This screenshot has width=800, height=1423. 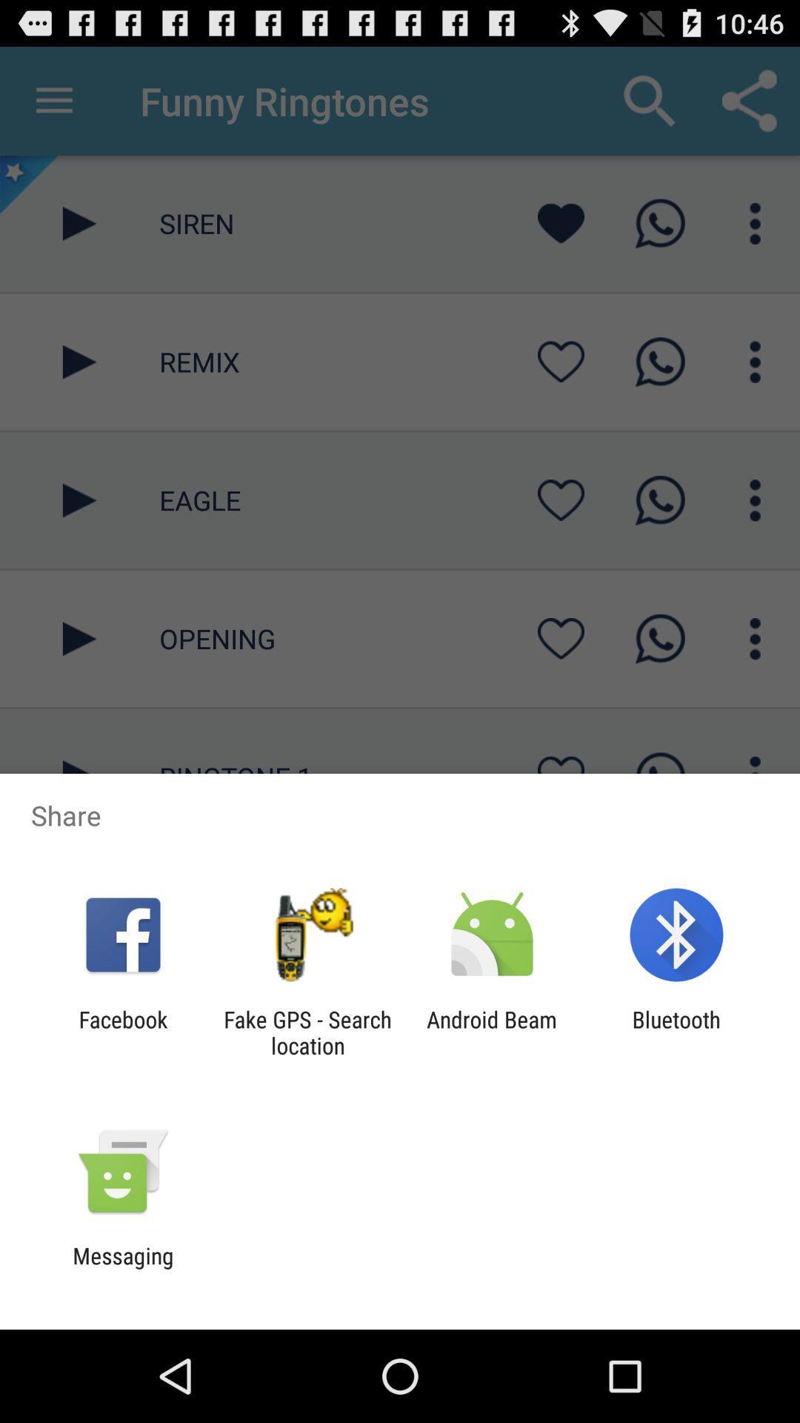 I want to click on the item next to the android beam app, so click(x=307, y=1032).